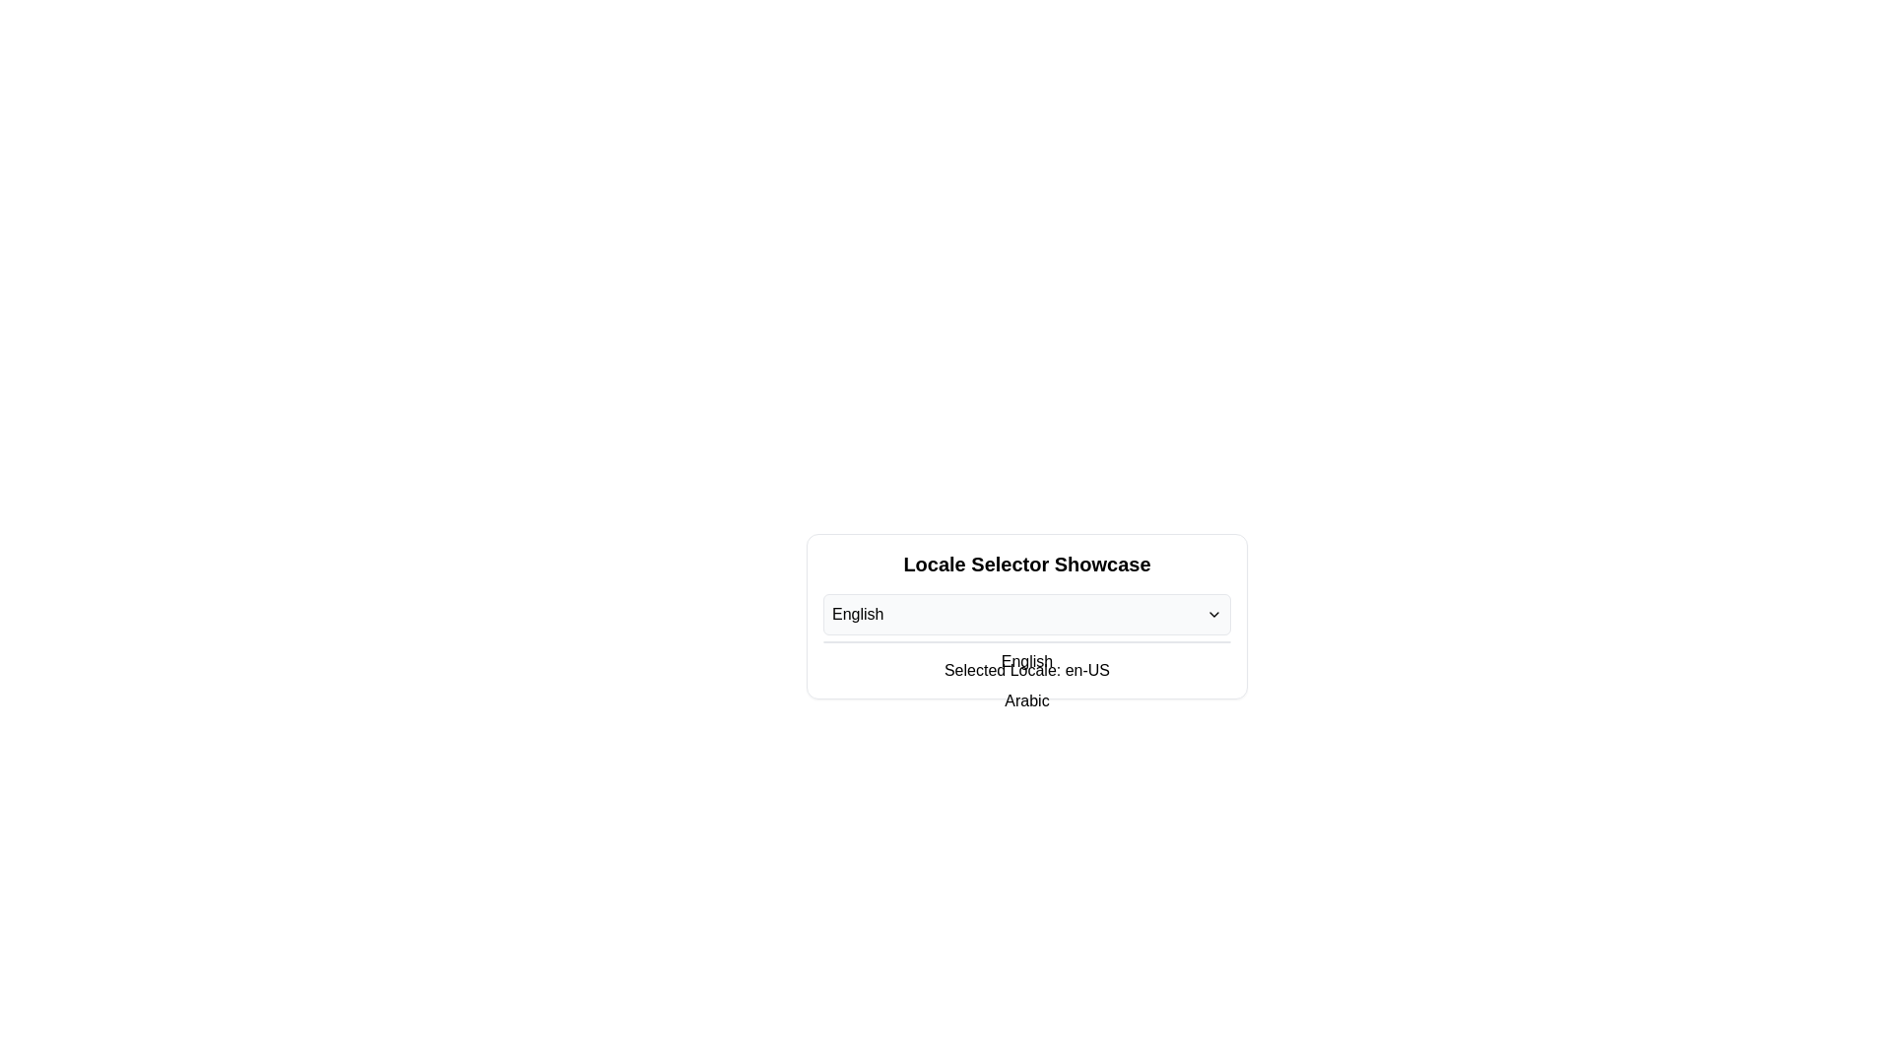  What do you see at coordinates (1025, 614) in the screenshot?
I see `the Dropdown menu located below the title 'Locale Selector Showcase'` at bounding box center [1025, 614].